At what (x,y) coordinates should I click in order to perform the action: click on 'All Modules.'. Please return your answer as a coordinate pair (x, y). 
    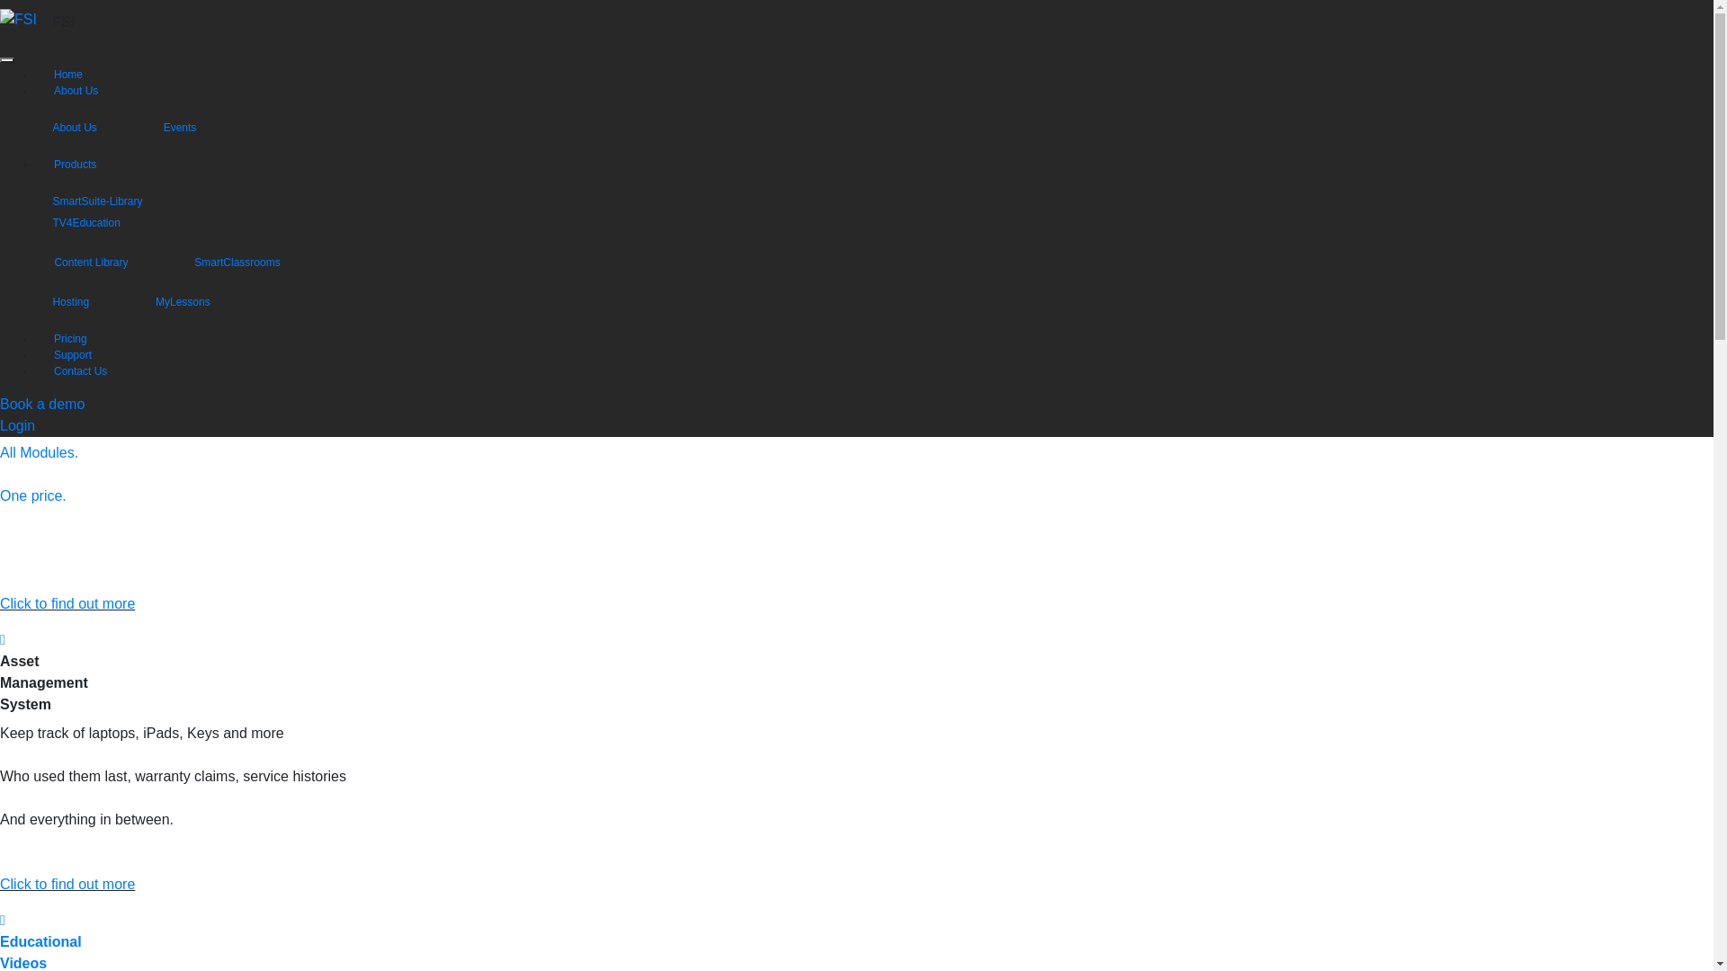
    Looking at the image, I should click on (39, 451).